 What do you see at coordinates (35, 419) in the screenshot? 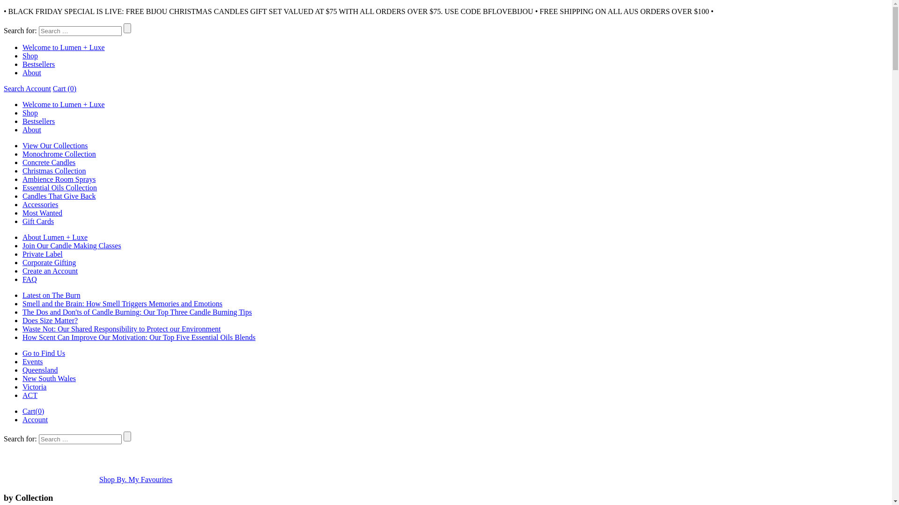
I see `'Account'` at bounding box center [35, 419].